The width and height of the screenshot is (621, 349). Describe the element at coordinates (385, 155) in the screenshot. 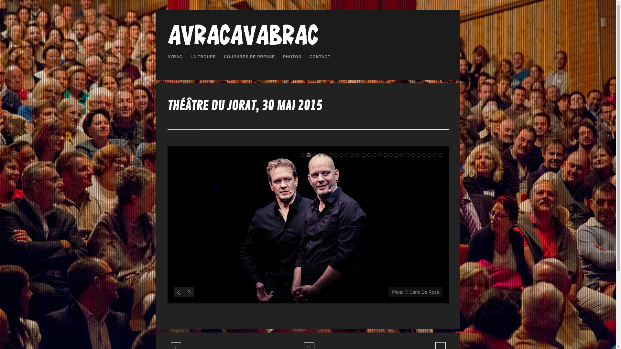

I see `'16'` at that location.